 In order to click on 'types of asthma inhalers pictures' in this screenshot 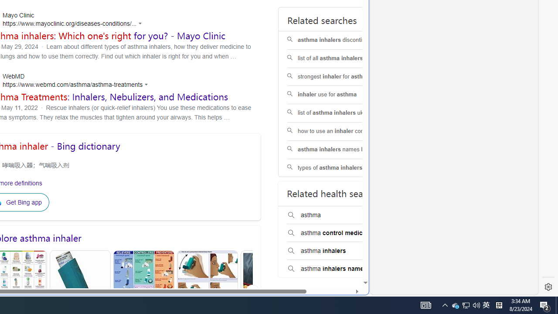, I will do `click(342, 168)`.